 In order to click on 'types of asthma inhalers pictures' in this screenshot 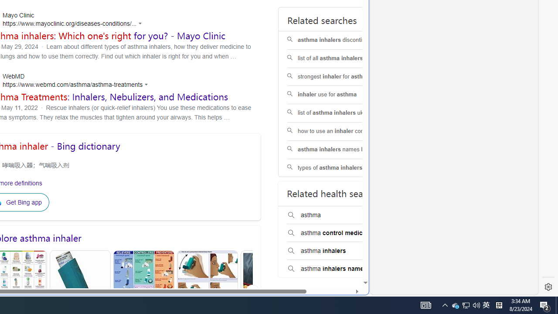, I will do `click(342, 168)`.